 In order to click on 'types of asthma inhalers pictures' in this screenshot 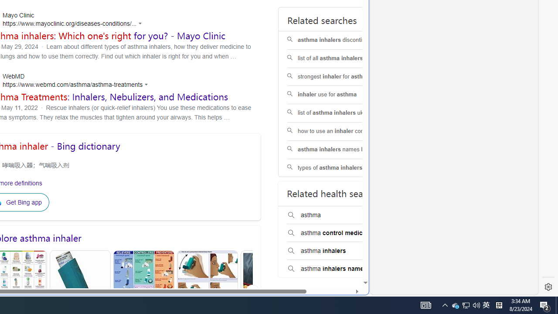, I will do `click(342, 168)`.